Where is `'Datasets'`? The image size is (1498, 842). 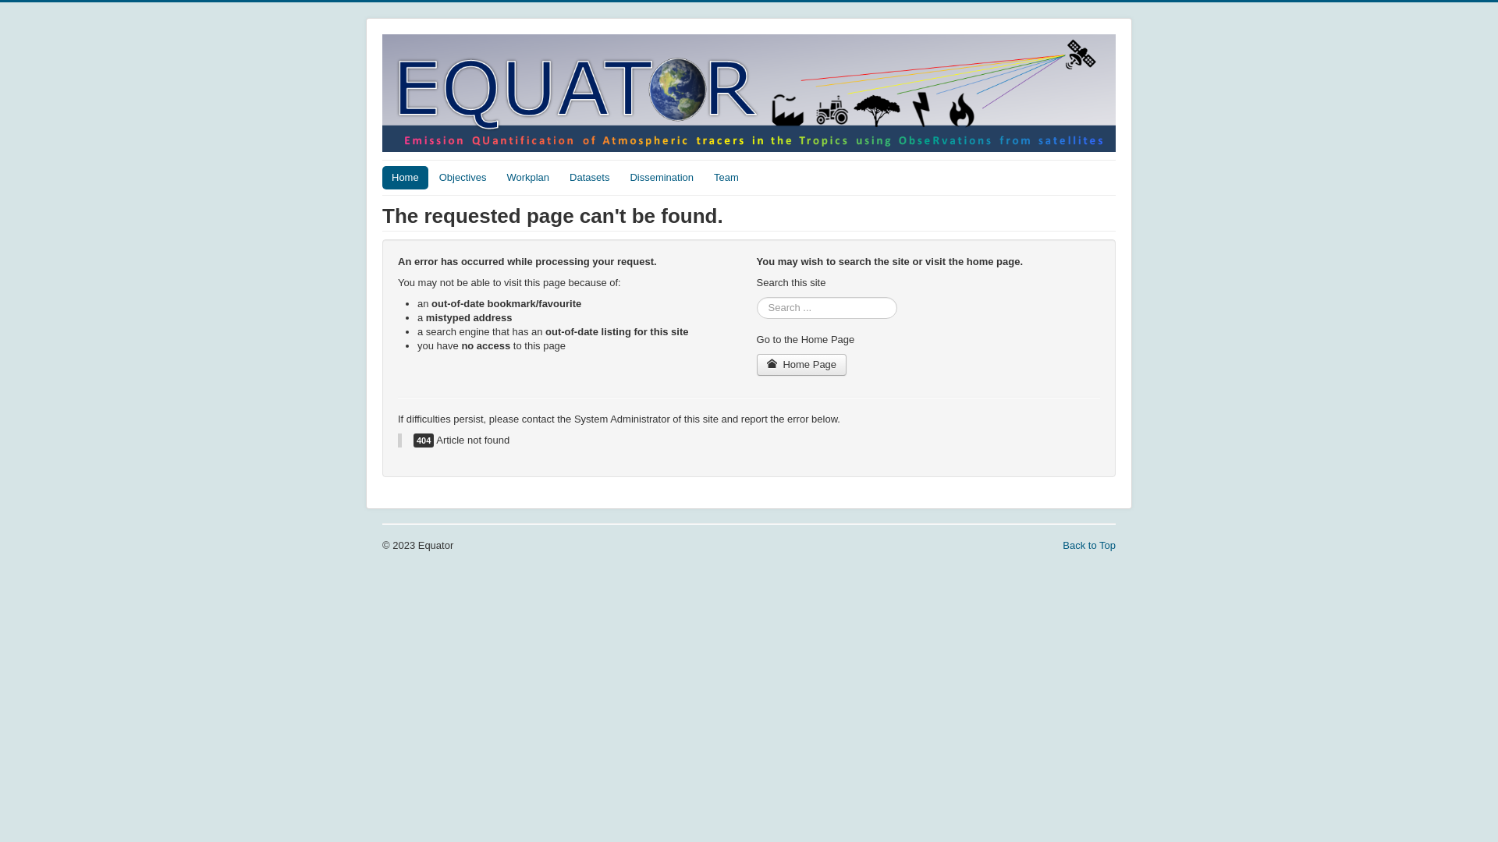 'Datasets' is located at coordinates (588, 176).